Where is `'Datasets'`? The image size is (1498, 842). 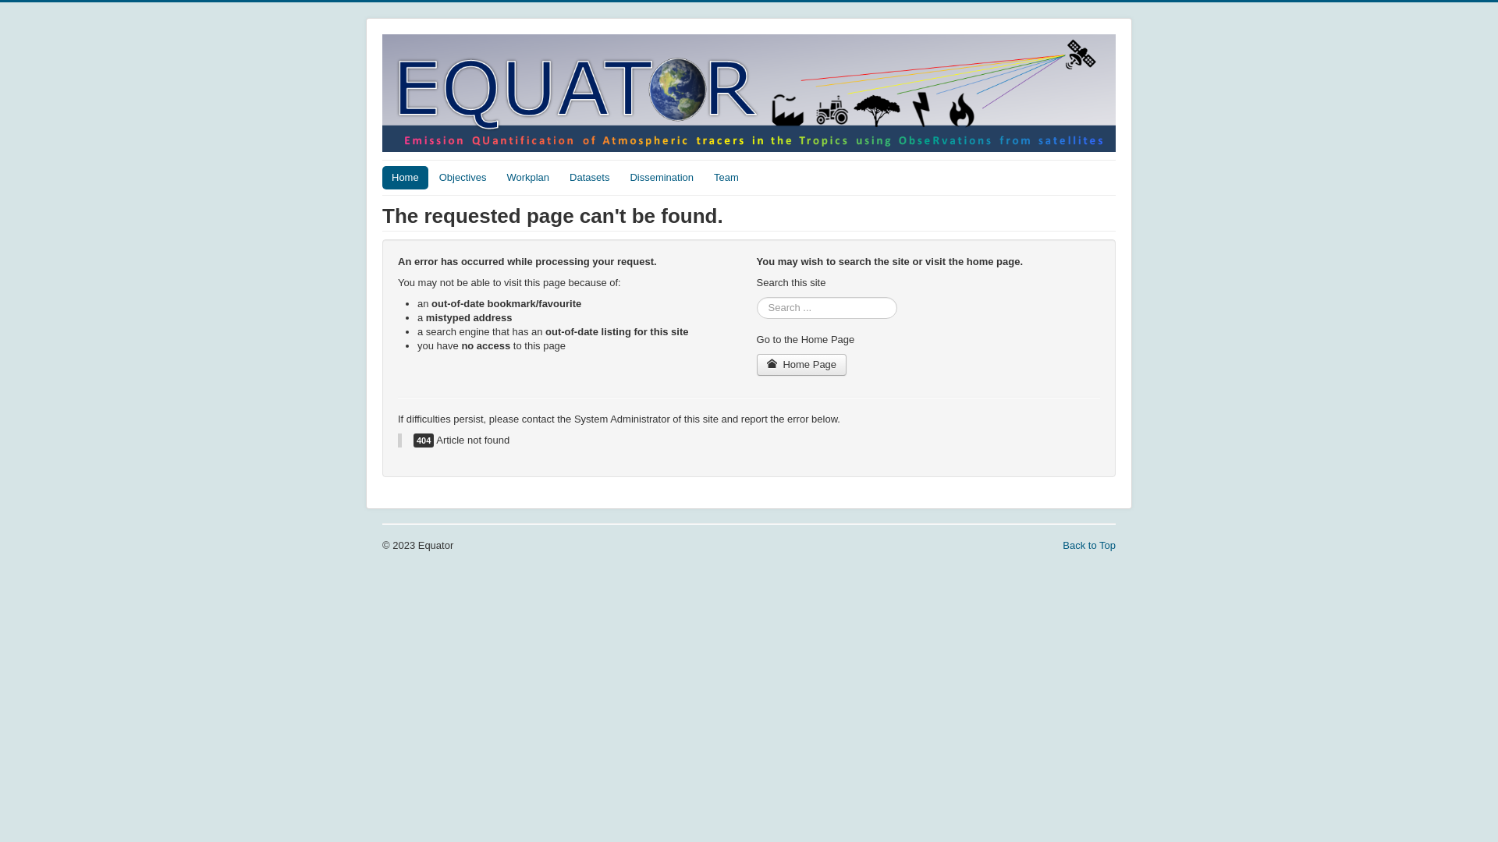 'Datasets' is located at coordinates (588, 176).